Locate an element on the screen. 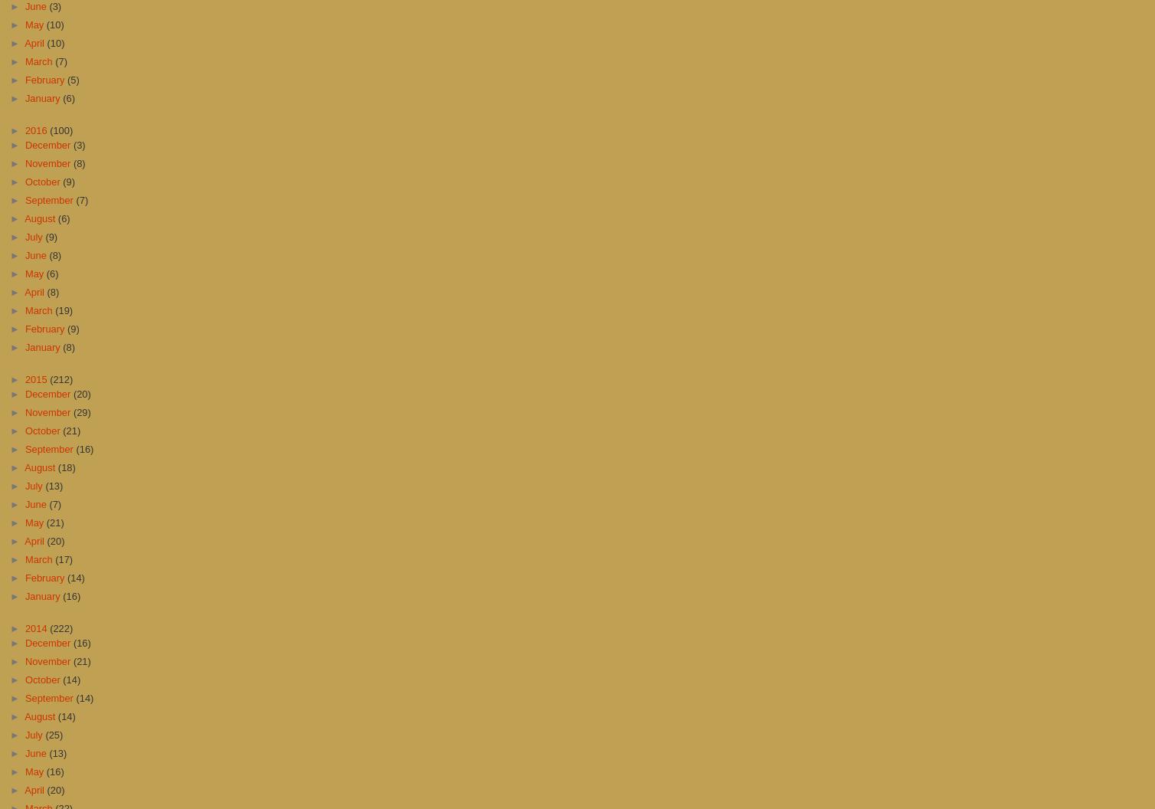 The image size is (1155, 809). '(212)' is located at coordinates (61, 378).